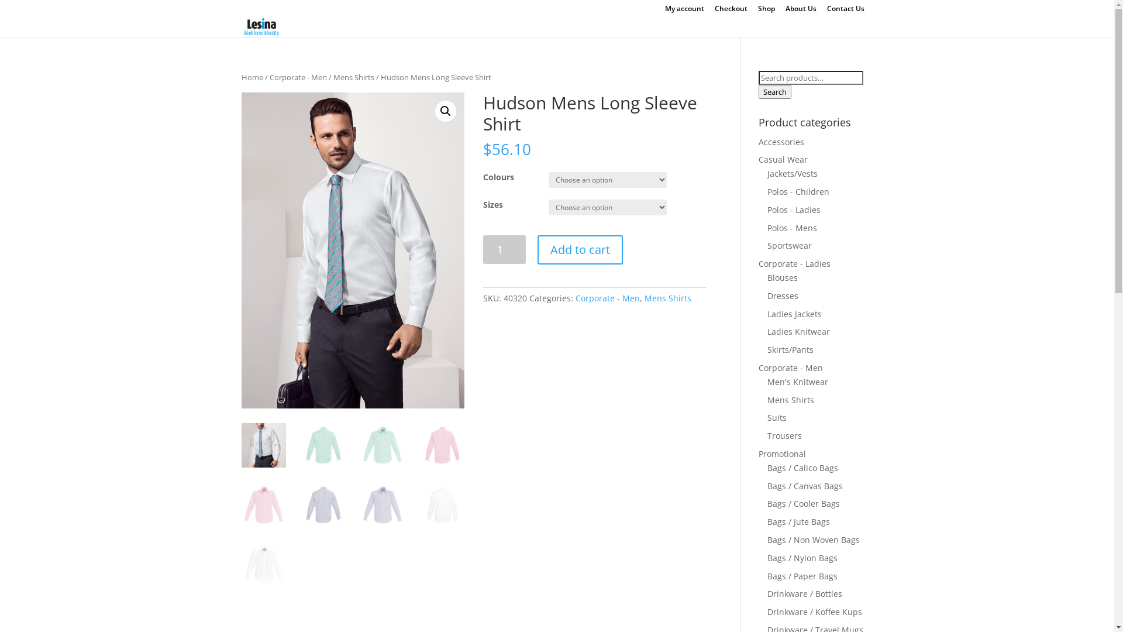 This screenshot has width=1123, height=632. I want to click on 'Drinkware / Koffee Kups', so click(767, 611).